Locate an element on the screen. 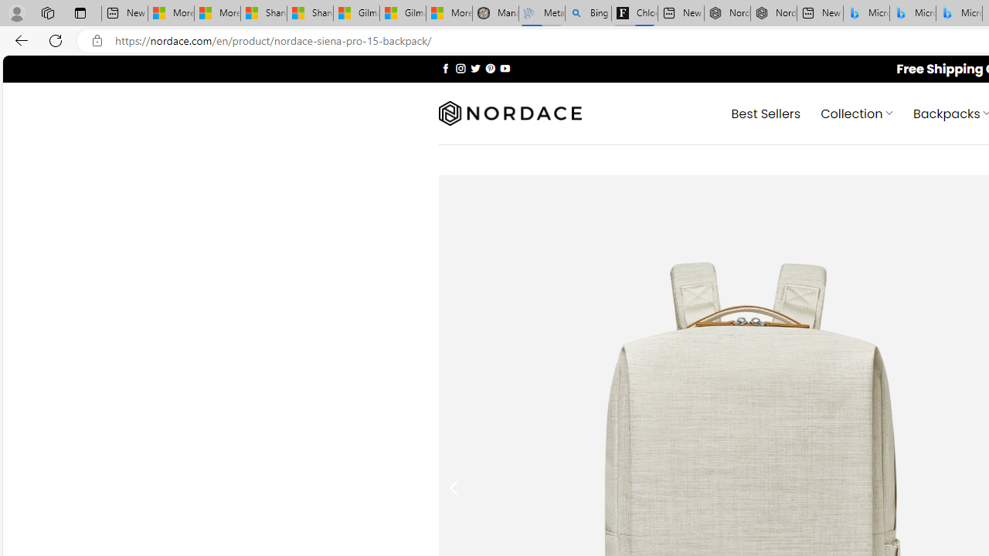  'Bing Real Estate - Home sales and rental listings' is located at coordinates (587, 13).